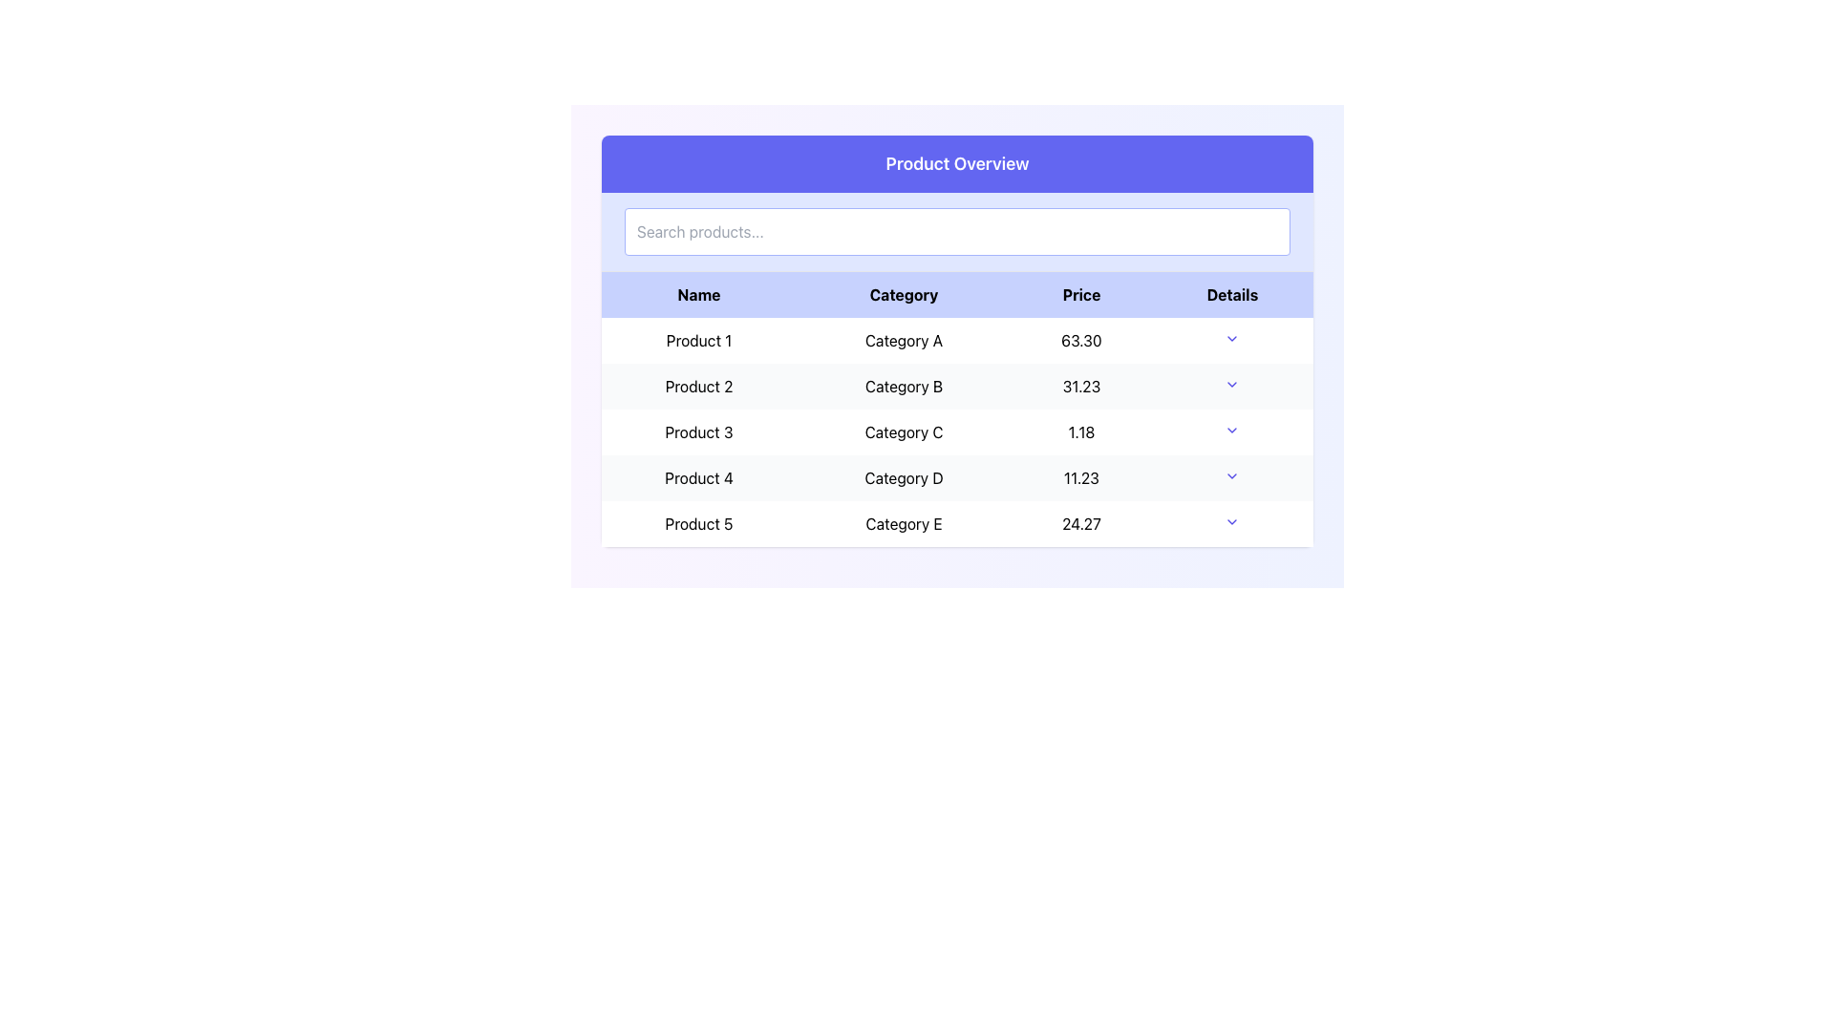 This screenshot has width=1834, height=1031. What do you see at coordinates (1232, 431) in the screenshot?
I see `the indigo downward chevron icon in the 'Details' column of the table for 'Product 3'` at bounding box center [1232, 431].